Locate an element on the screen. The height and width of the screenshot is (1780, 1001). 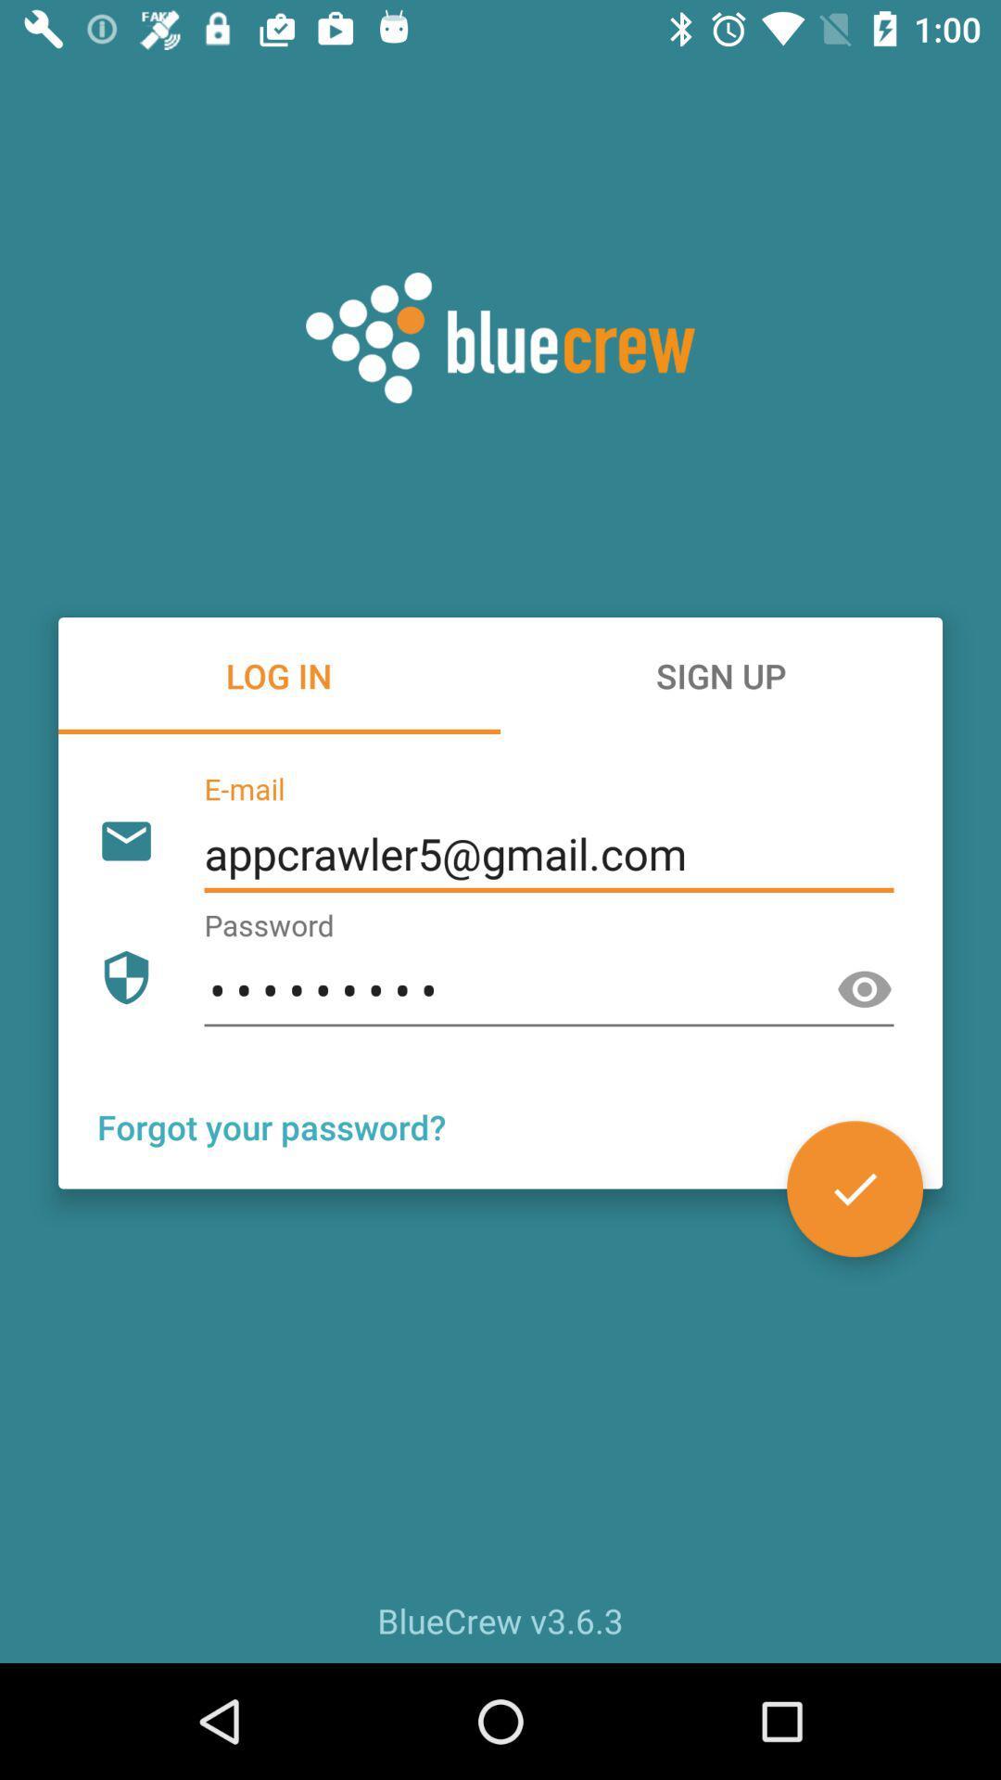
information is located at coordinates (855, 1189).